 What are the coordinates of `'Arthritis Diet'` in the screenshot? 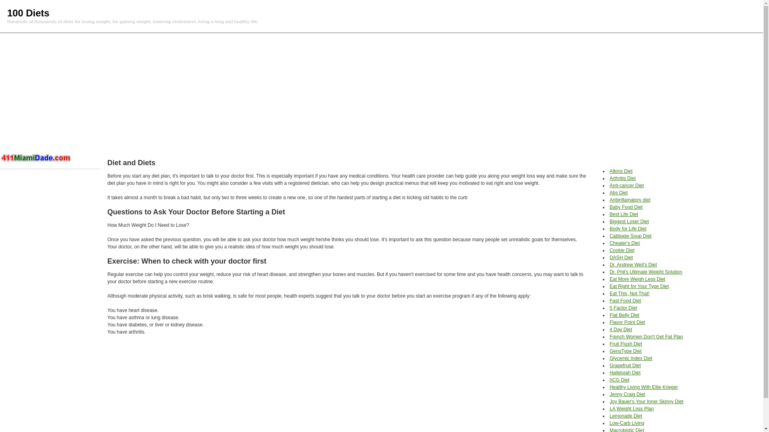 It's located at (609, 178).